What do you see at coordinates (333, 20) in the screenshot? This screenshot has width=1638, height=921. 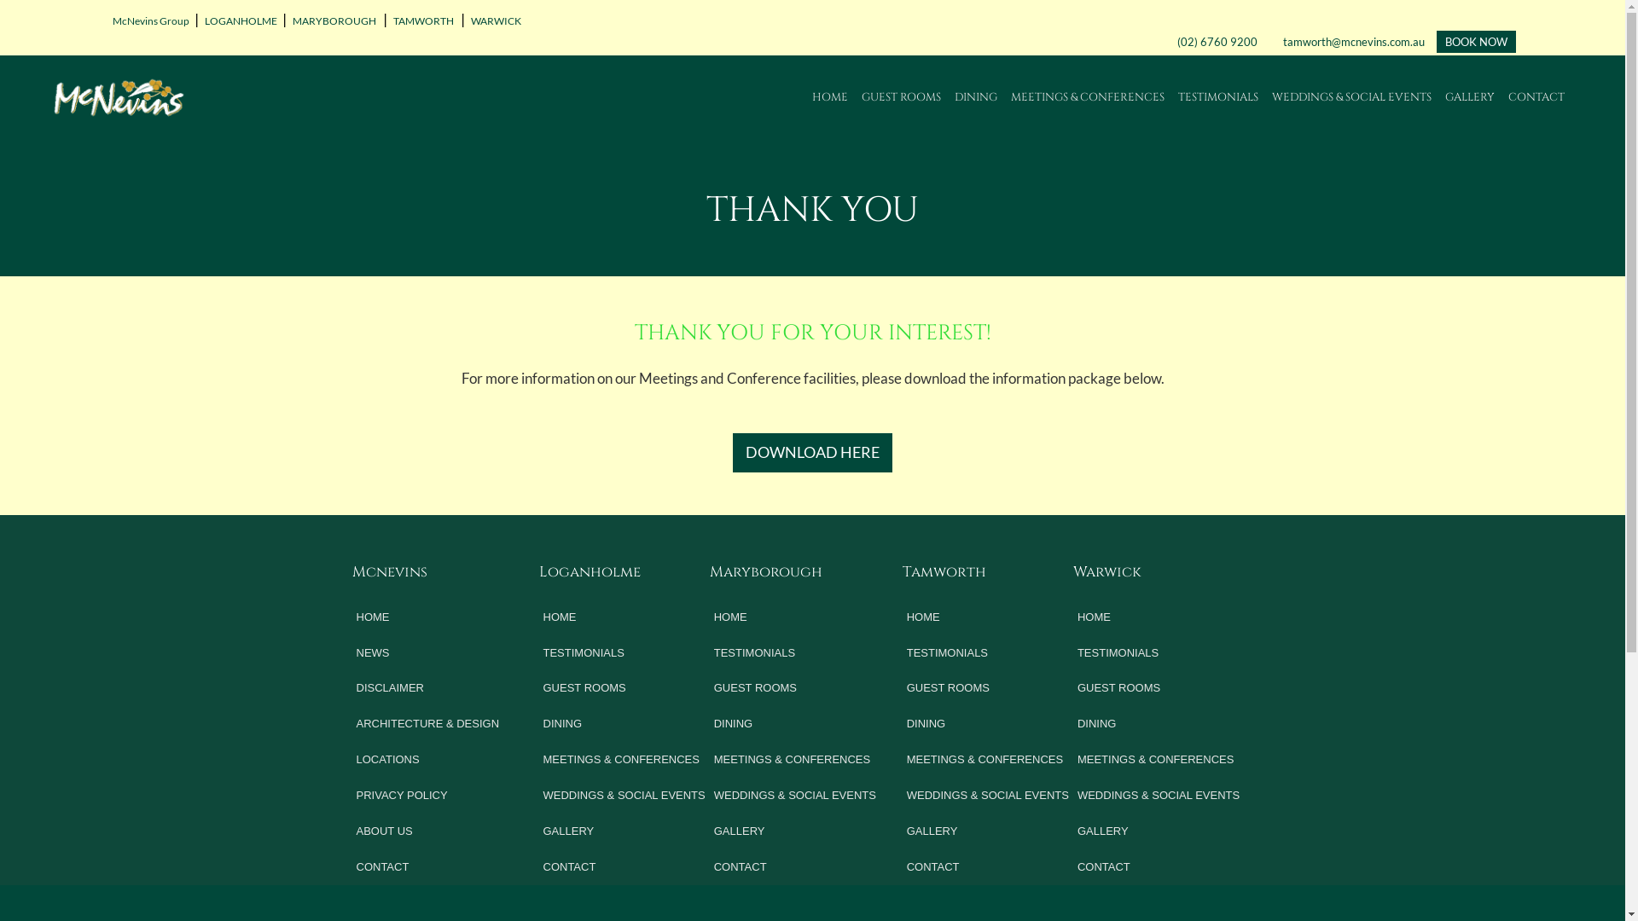 I see `'  MARYBOROUGH'` at bounding box center [333, 20].